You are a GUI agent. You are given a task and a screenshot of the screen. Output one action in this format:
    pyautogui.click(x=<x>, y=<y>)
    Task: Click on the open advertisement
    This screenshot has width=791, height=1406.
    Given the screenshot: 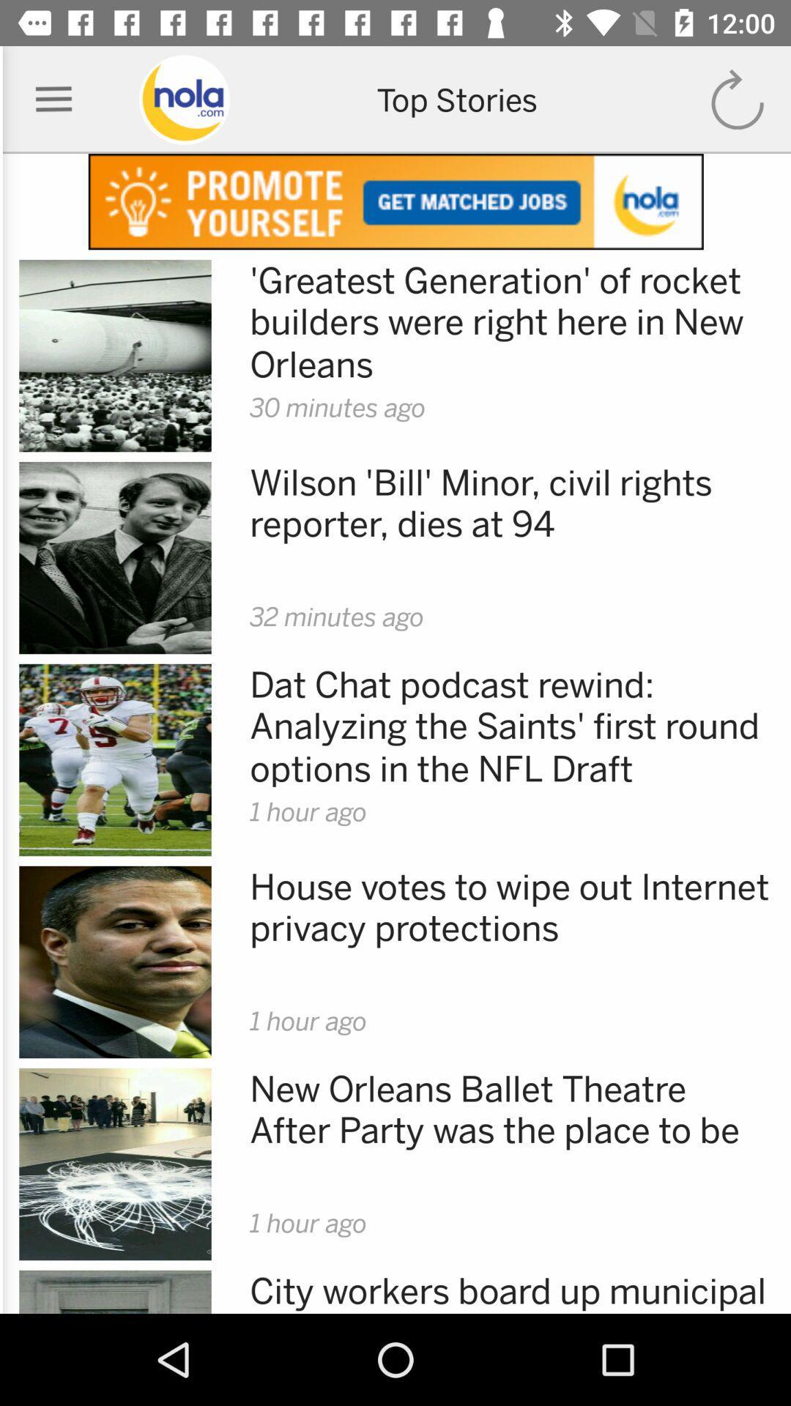 What is the action you would take?
    pyautogui.click(x=395, y=201)
    